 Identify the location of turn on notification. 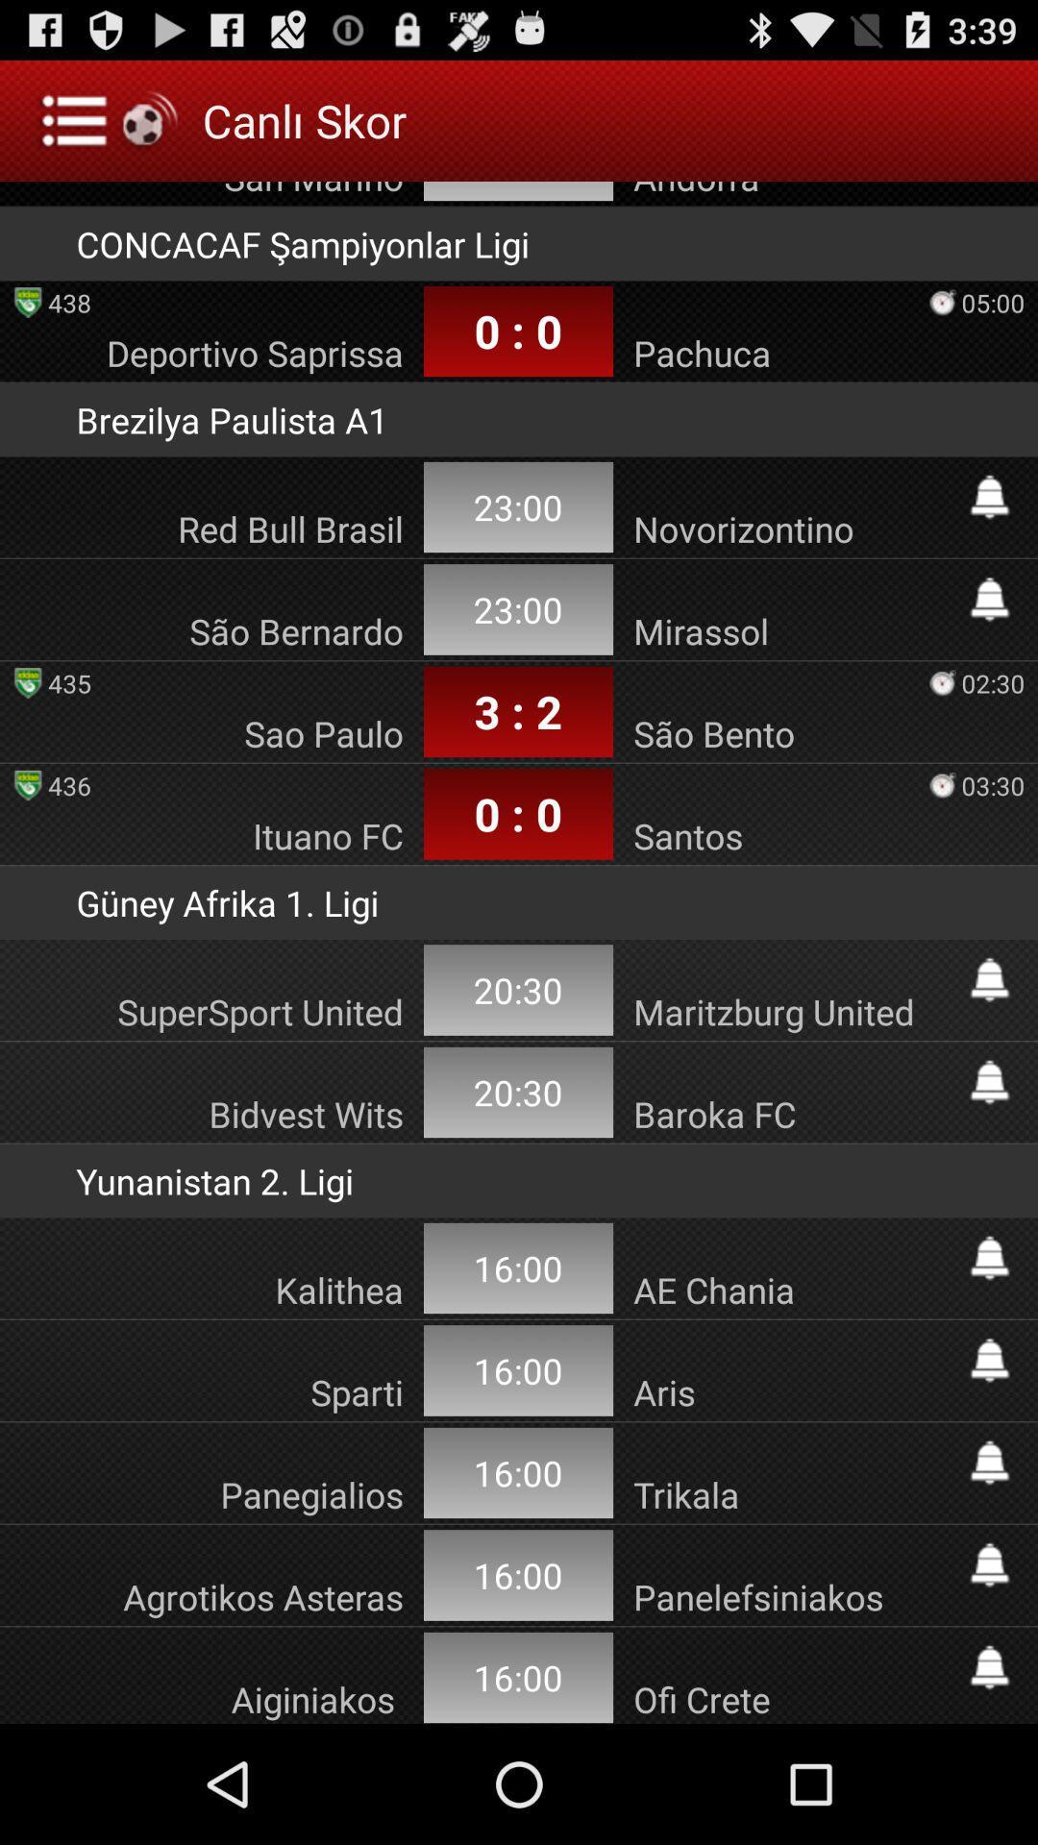
(989, 497).